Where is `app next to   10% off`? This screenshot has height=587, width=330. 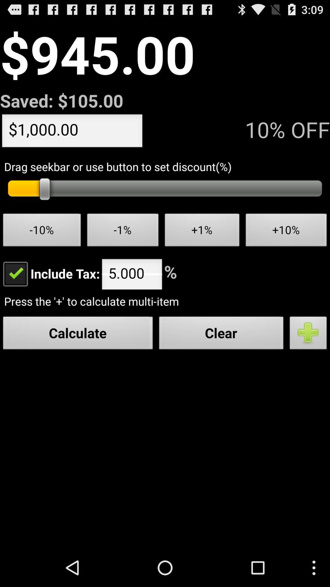
app next to   10% off is located at coordinates (72, 132).